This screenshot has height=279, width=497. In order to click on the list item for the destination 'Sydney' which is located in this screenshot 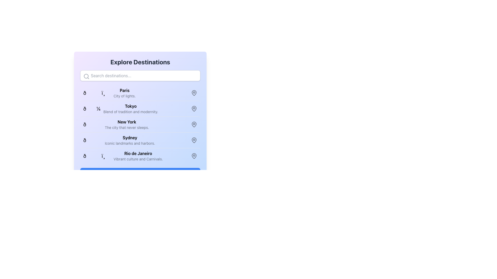, I will do `click(140, 140)`.